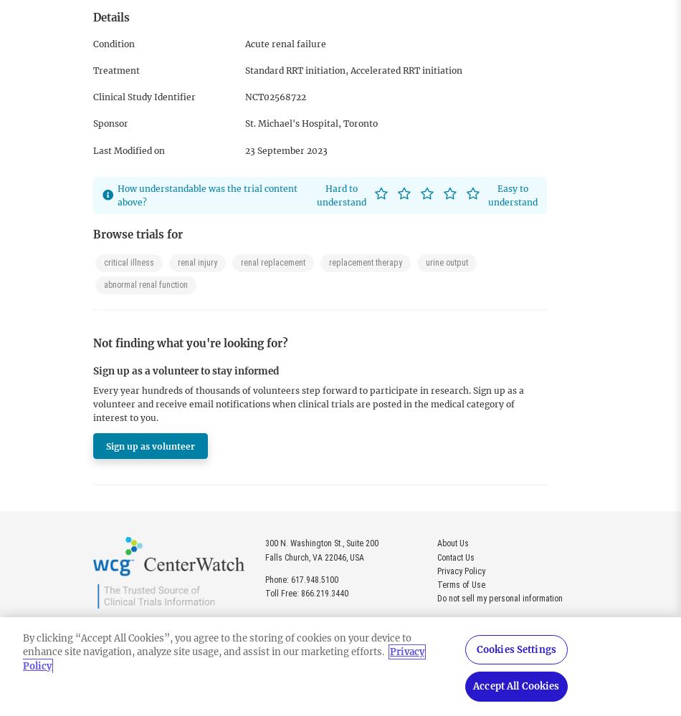 This screenshot has height=716, width=681. I want to click on 'renal replacement', so click(272, 261).